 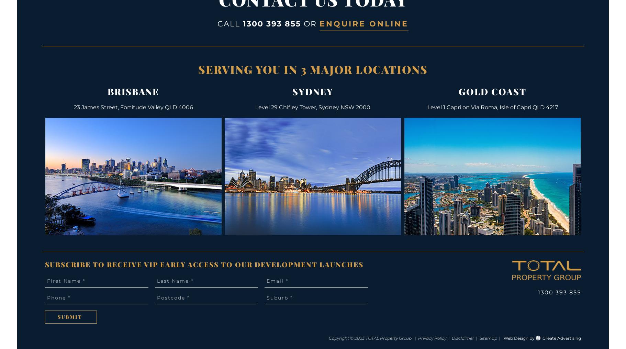 I want to click on 'subscribe to receive VIP early access to our development launches', so click(x=204, y=264).